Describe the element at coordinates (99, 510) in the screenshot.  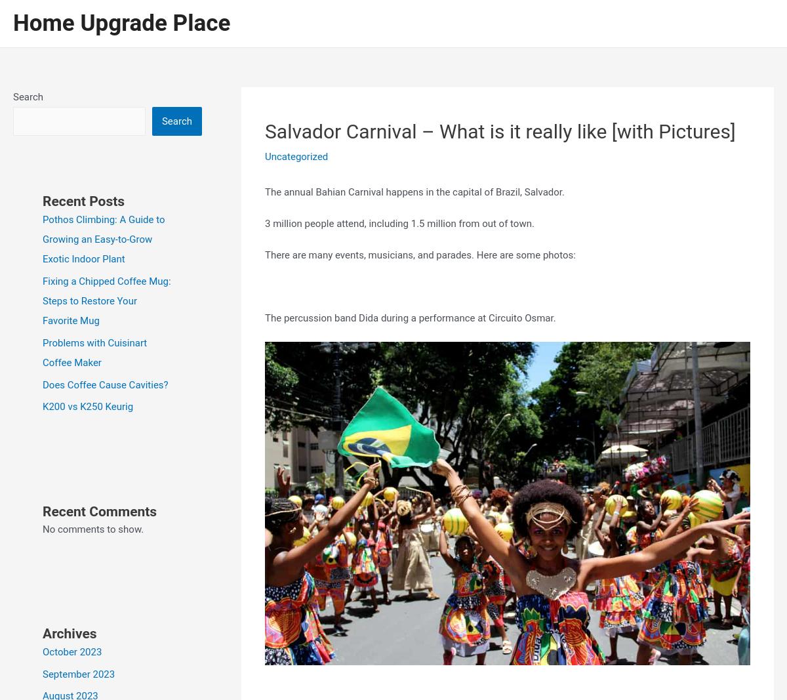
I see `'Recent Comments'` at that location.